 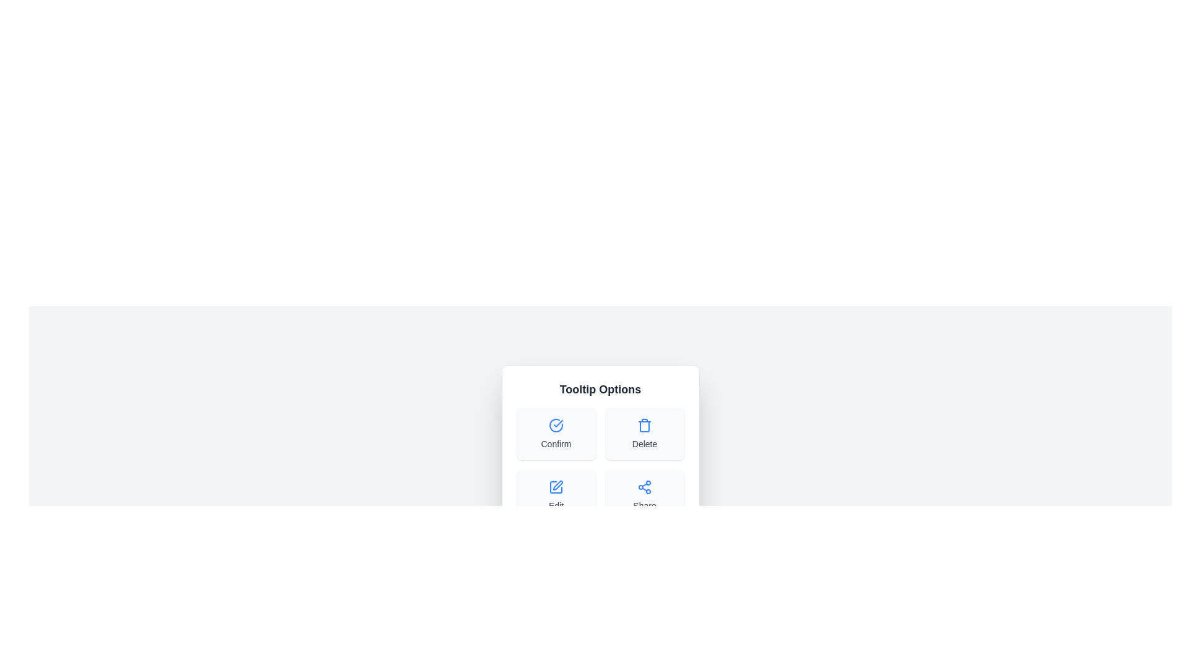 What do you see at coordinates (643, 495) in the screenshot?
I see `the 'Share' button located at the bottom-right of the grid, styled with a blue share icon and gray label` at bounding box center [643, 495].